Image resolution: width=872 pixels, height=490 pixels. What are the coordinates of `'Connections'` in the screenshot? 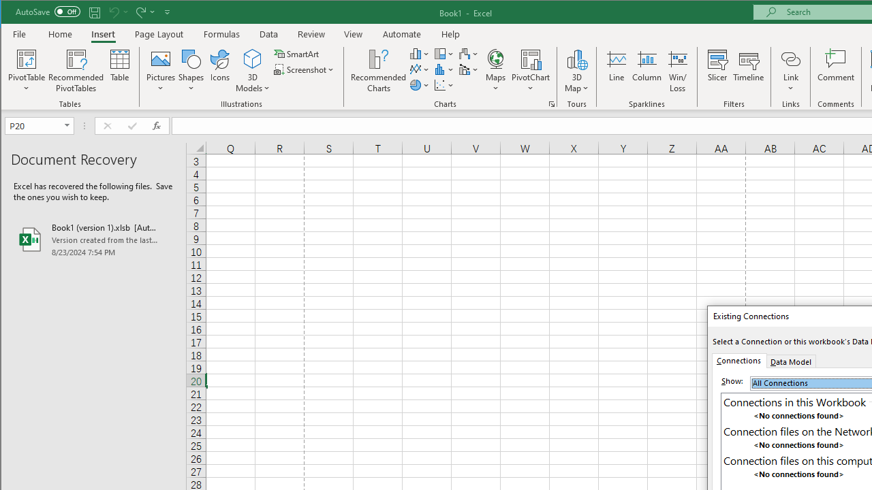 It's located at (738, 359).